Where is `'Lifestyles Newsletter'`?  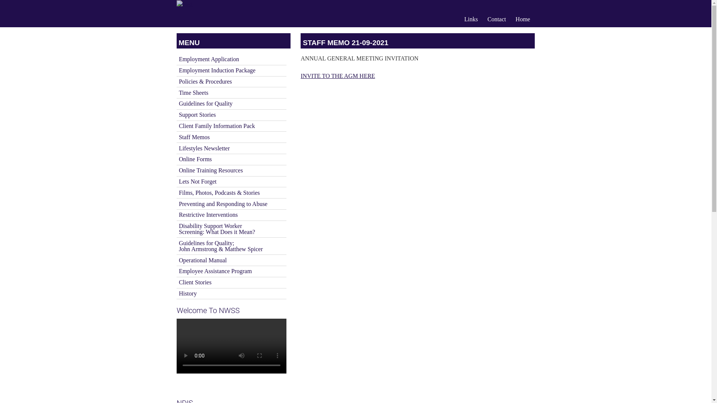
'Lifestyles Newsletter' is located at coordinates (231, 148).